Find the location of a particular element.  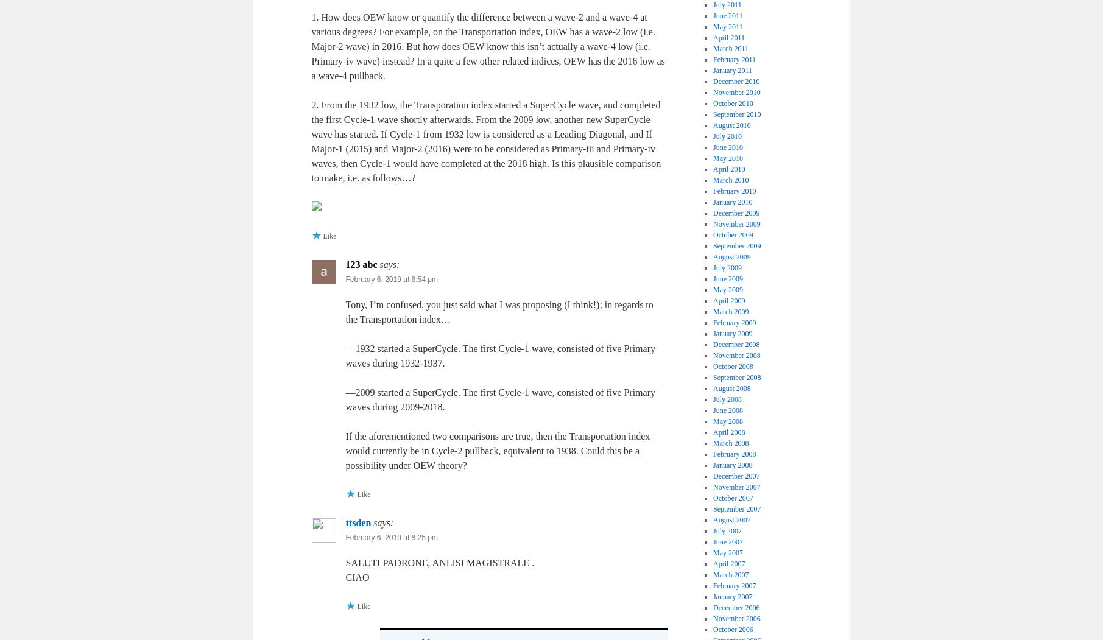

'June 2007' is located at coordinates (727, 541).